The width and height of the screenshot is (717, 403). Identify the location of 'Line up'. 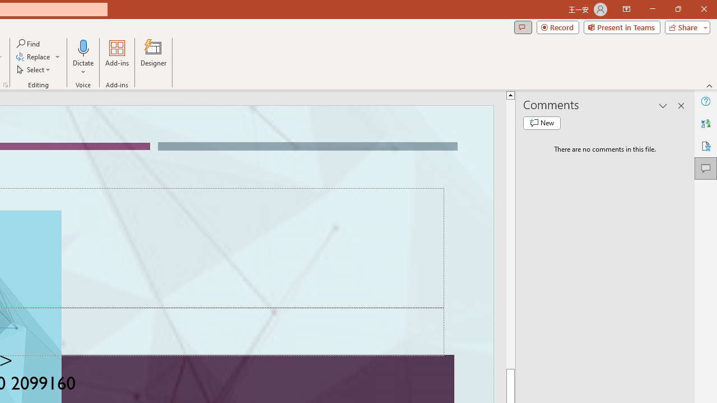
(510, 94).